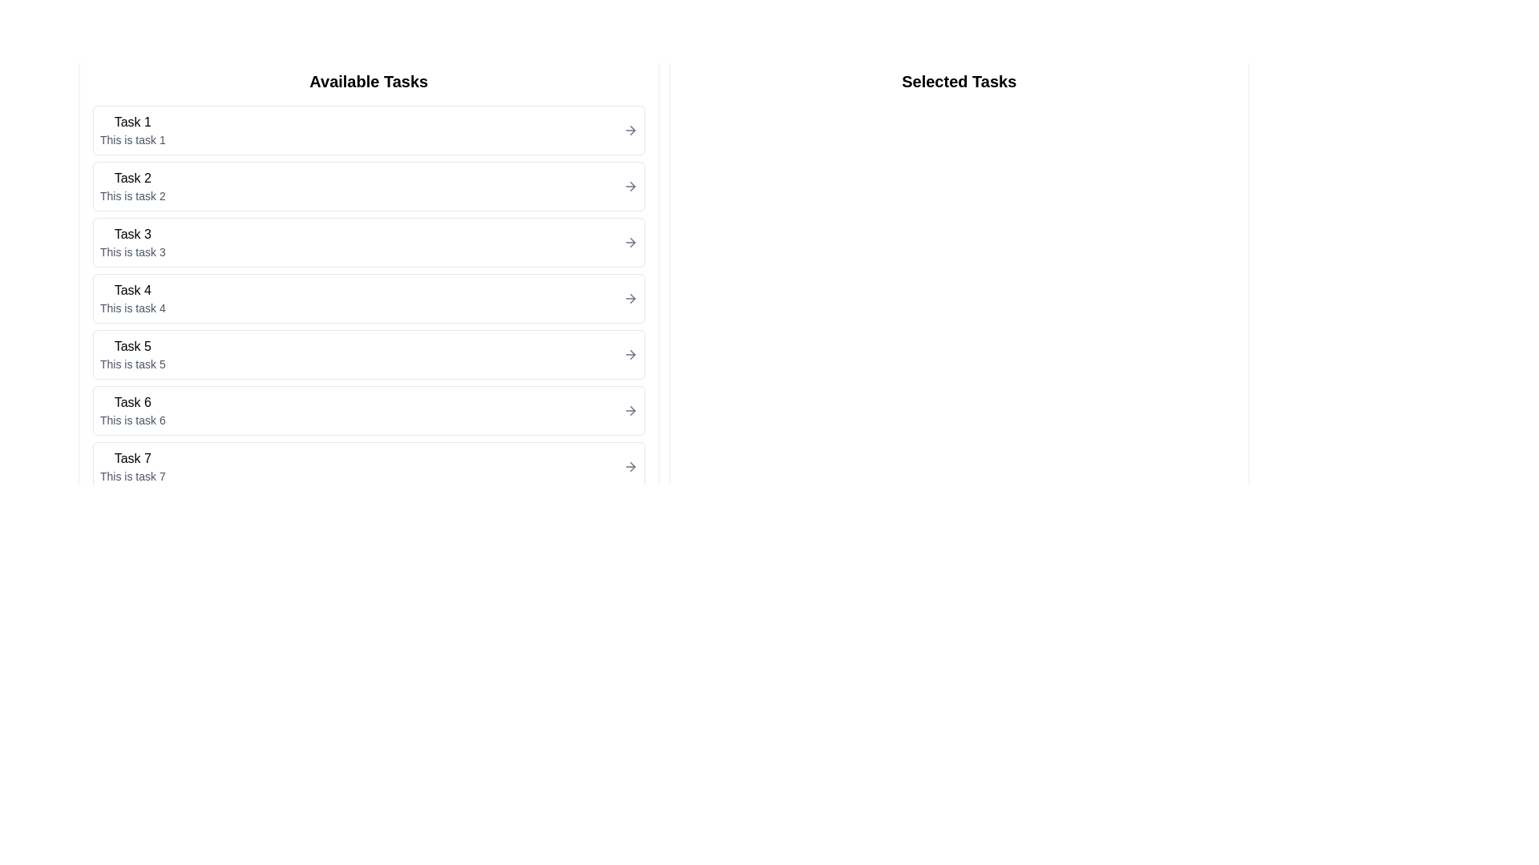  What do you see at coordinates (132, 410) in the screenshot?
I see `the Text block displaying information about task 6, which is the sixth item in the 'Available Tasks' section, positioned between 'Task 5' and 'Task 7'` at bounding box center [132, 410].